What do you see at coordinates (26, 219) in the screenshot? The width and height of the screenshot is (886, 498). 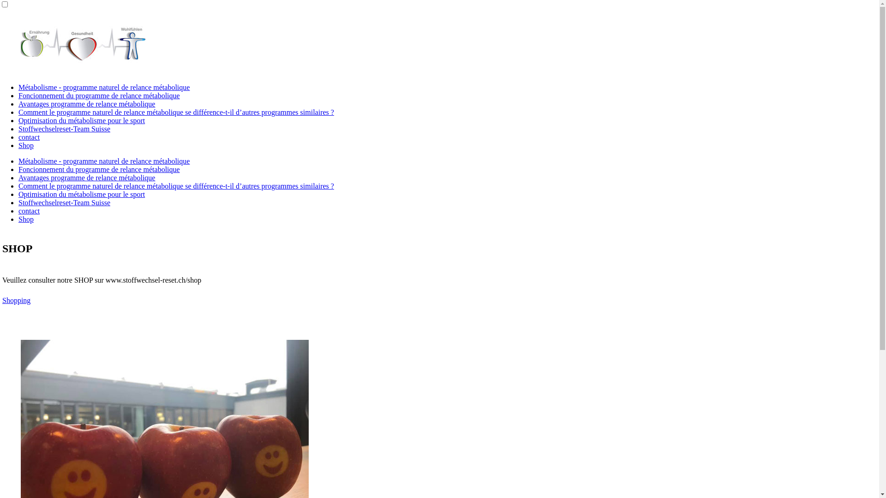 I see `'Shop'` at bounding box center [26, 219].